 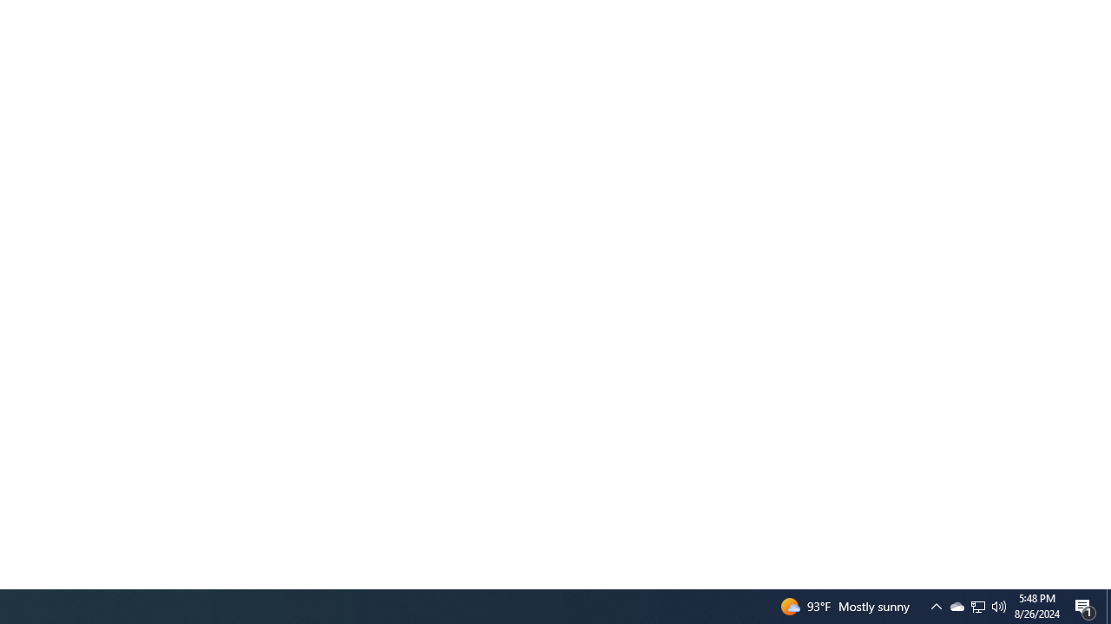 I want to click on 'Notification Chevron', so click(x=956, y=605).